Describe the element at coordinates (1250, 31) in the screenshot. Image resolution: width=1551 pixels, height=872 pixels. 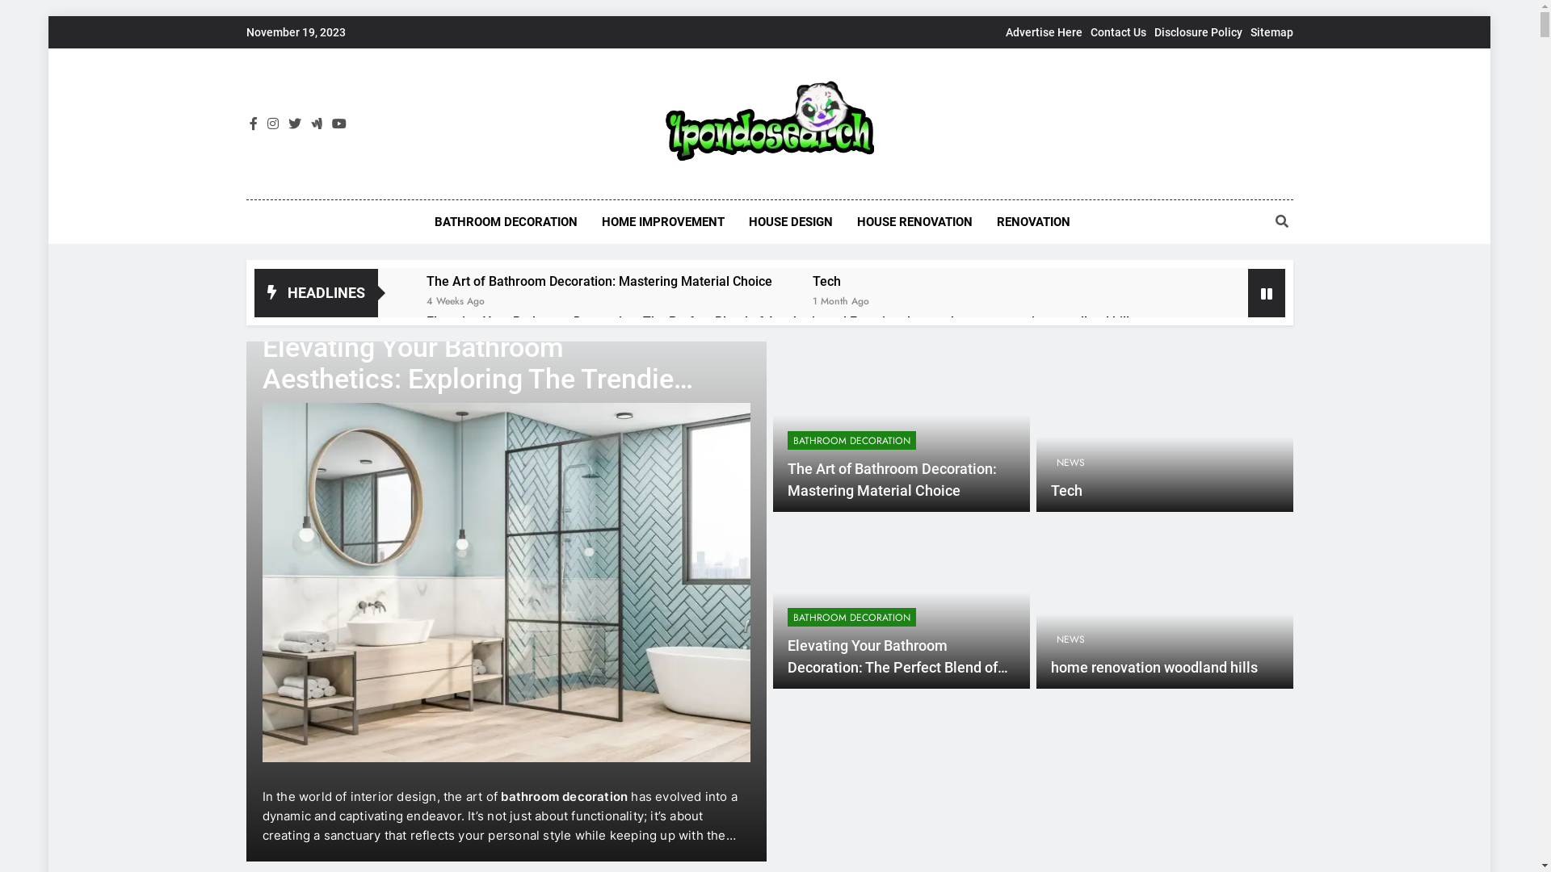
I see `'Sitemap'` at that location.